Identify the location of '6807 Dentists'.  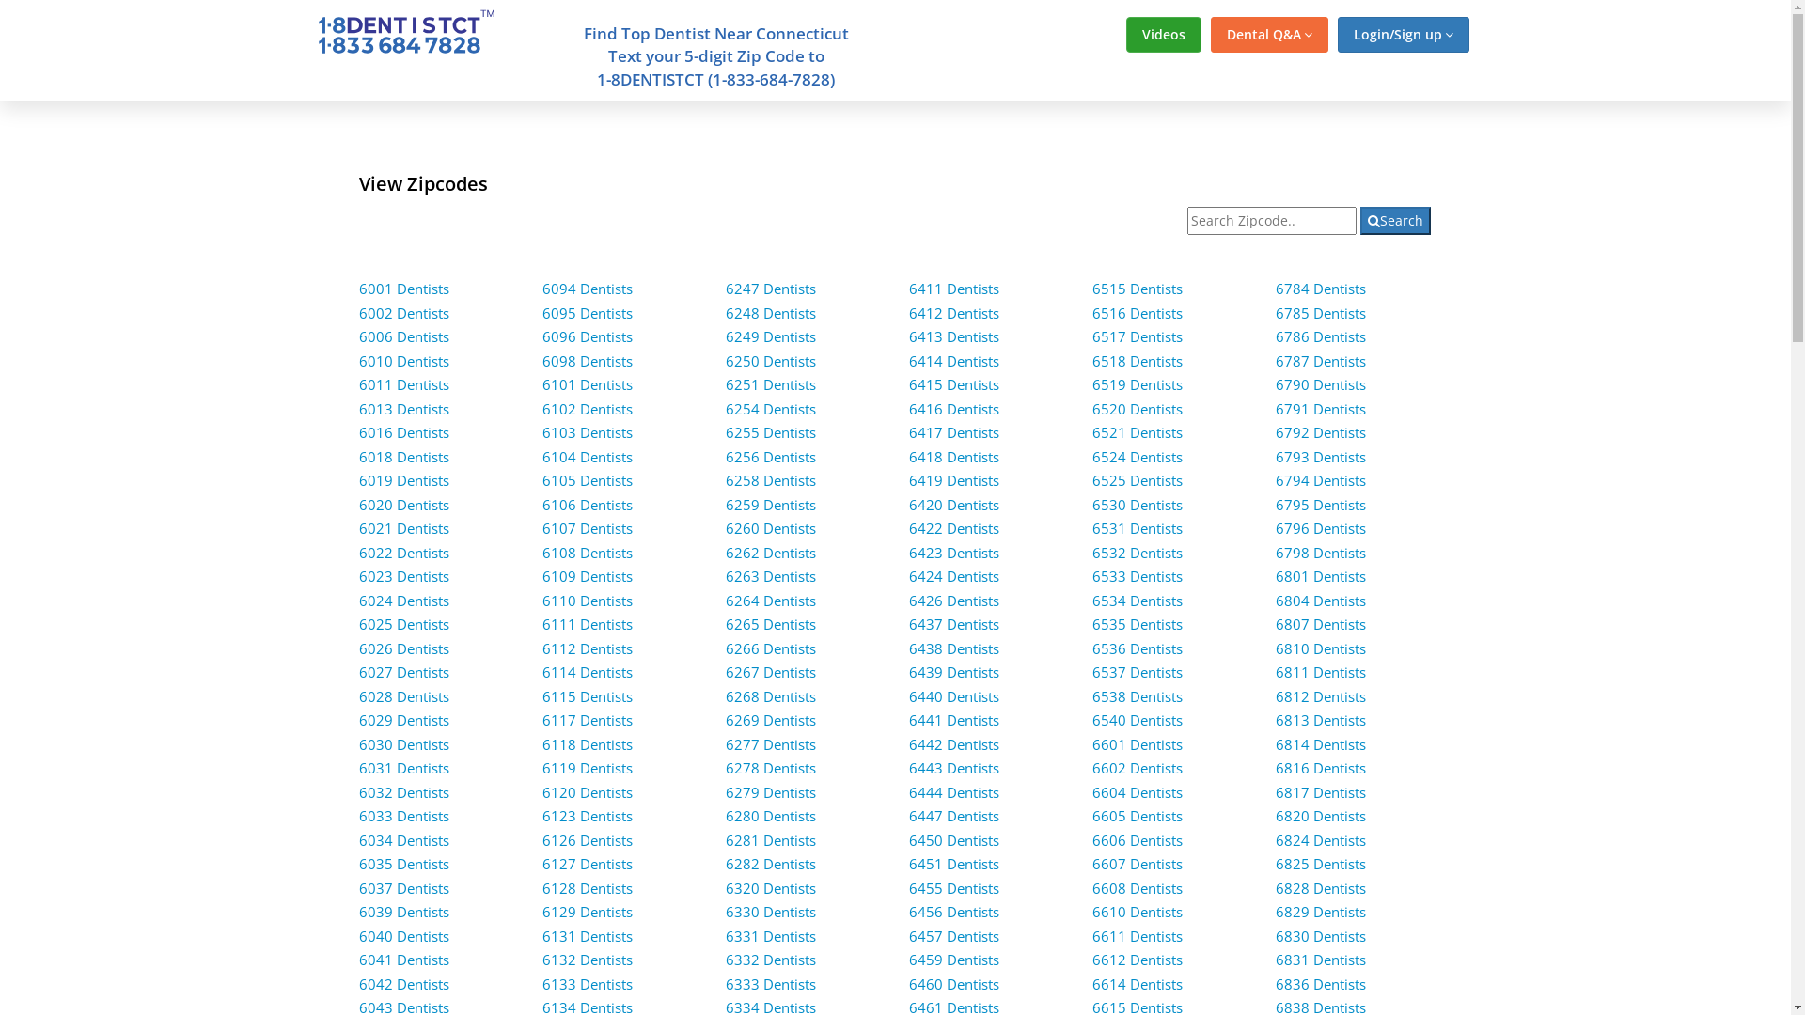
(1320, 623).